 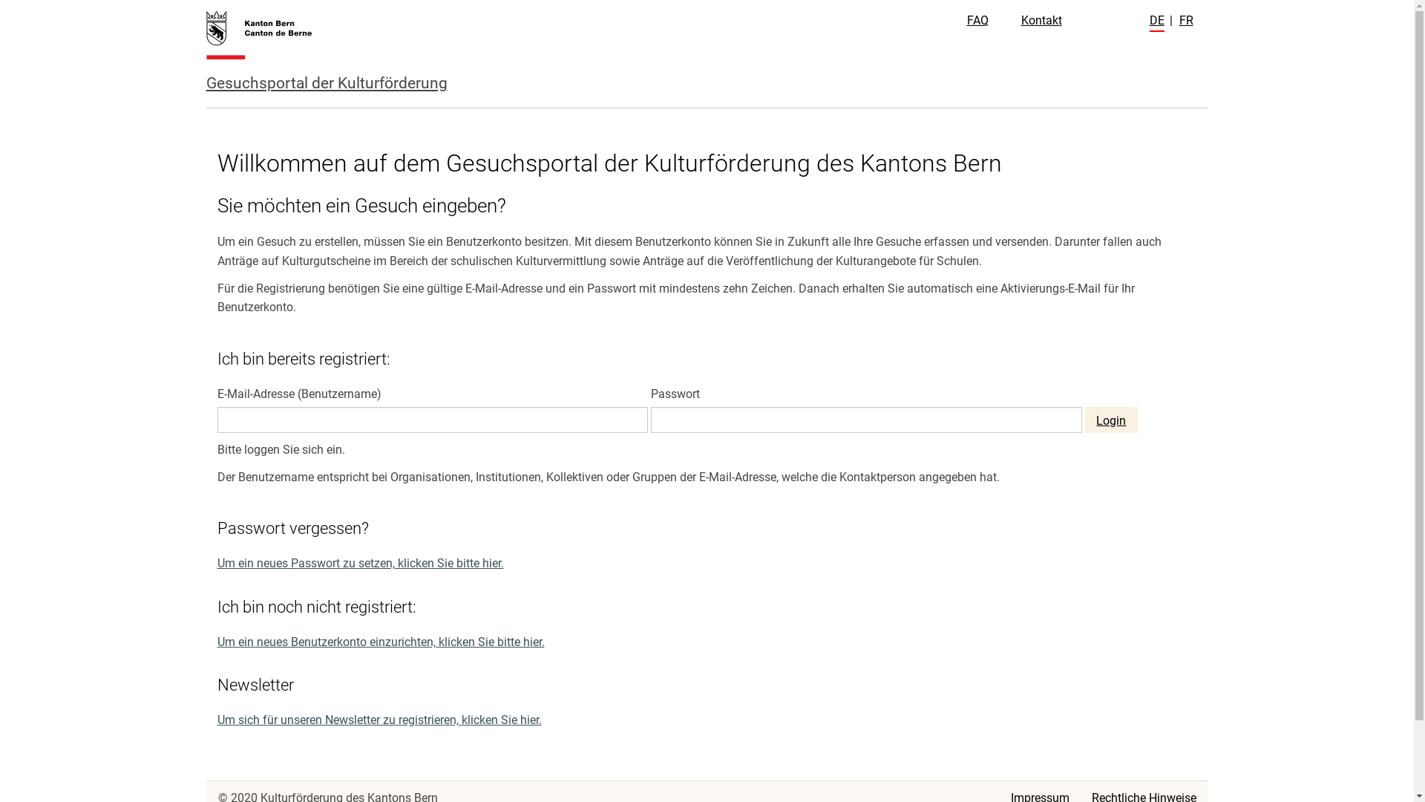 What do you see at coordinates (977, 20) in the screenshot?
I see `'FAQ'` at bounding box center [977, 20].